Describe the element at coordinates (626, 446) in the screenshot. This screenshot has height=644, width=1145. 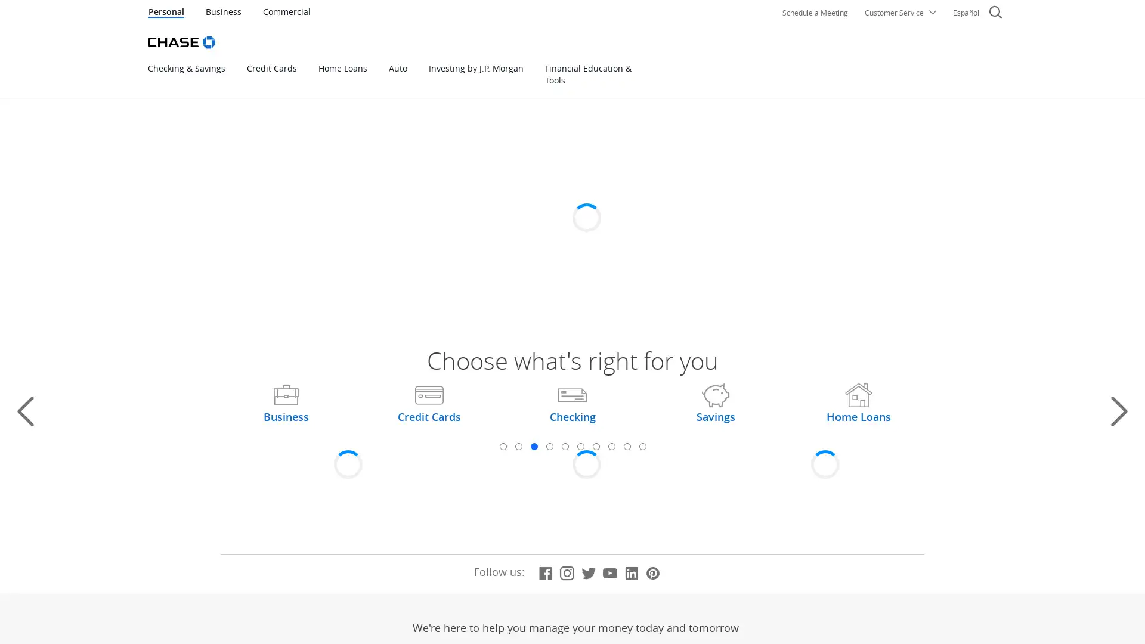
I see `Slide 9 of 10` at that location.